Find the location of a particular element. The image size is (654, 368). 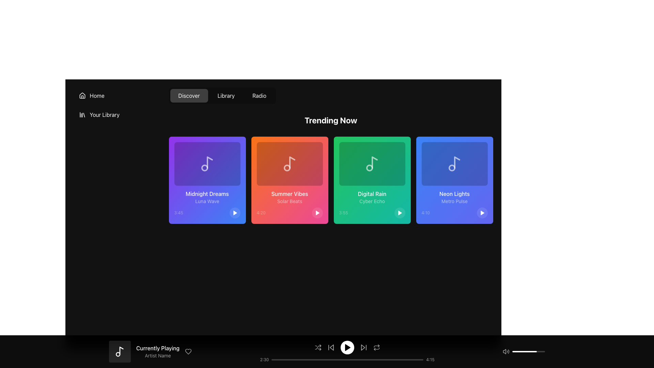

the decorative circle within the music note icon on the 'Summer Vibes' card is located at coordinates (287, 168).